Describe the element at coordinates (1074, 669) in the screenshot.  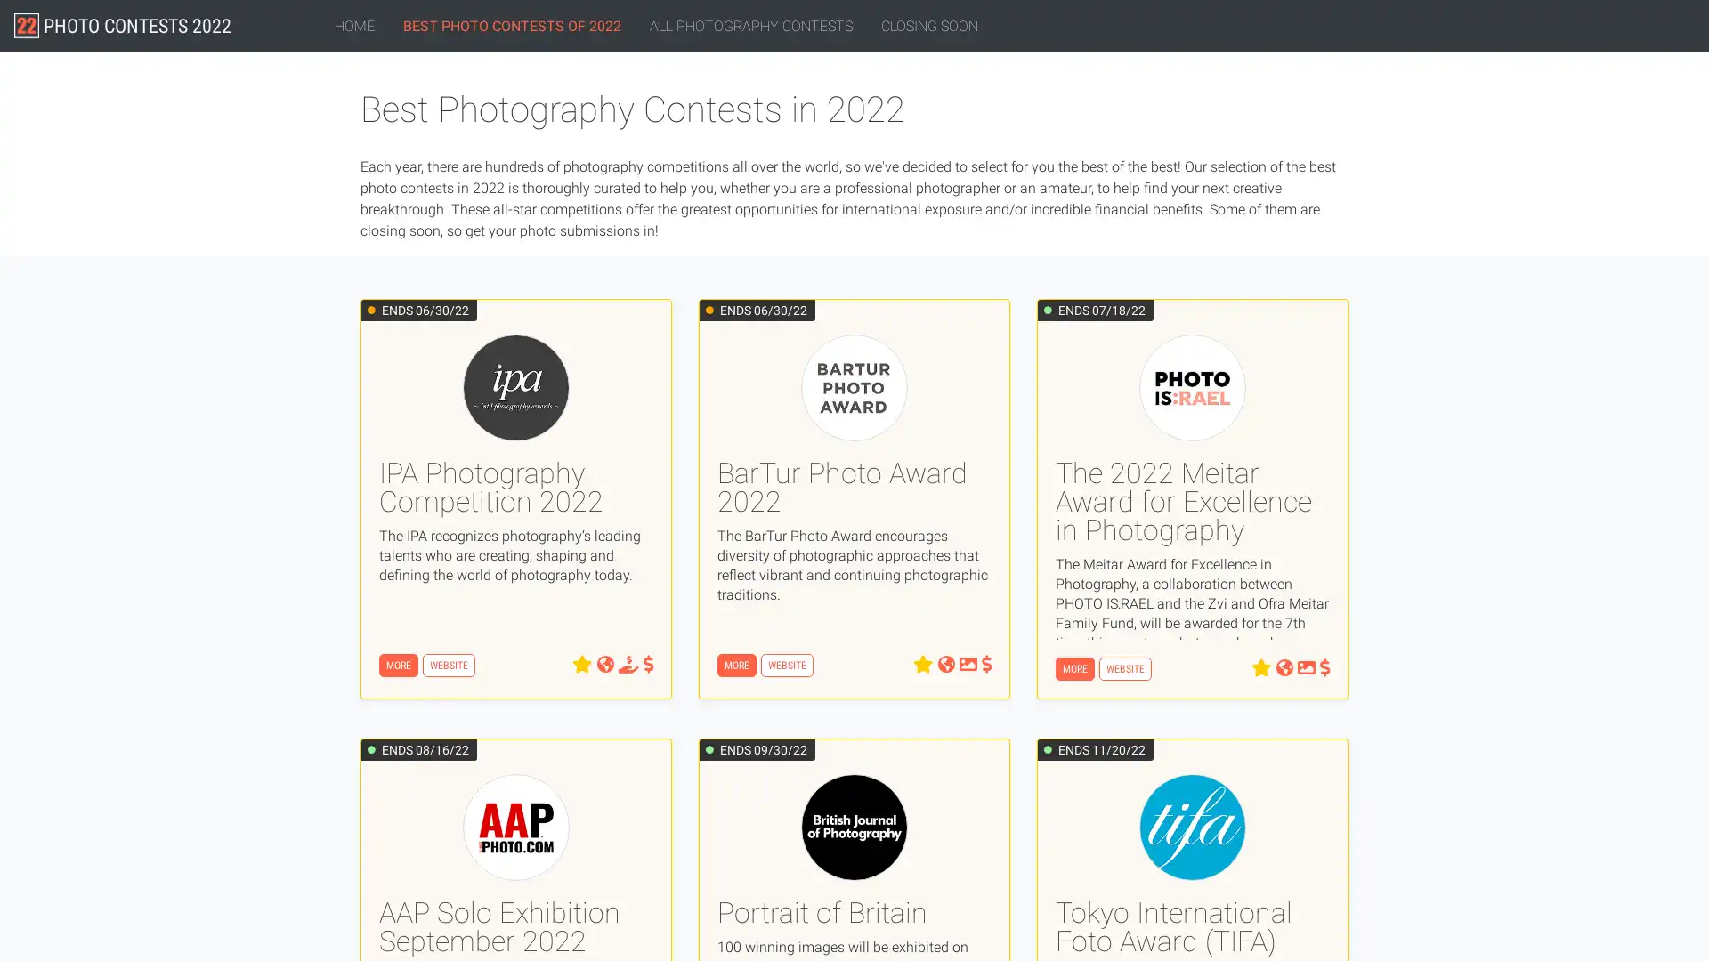
I see `MORE` at that location.